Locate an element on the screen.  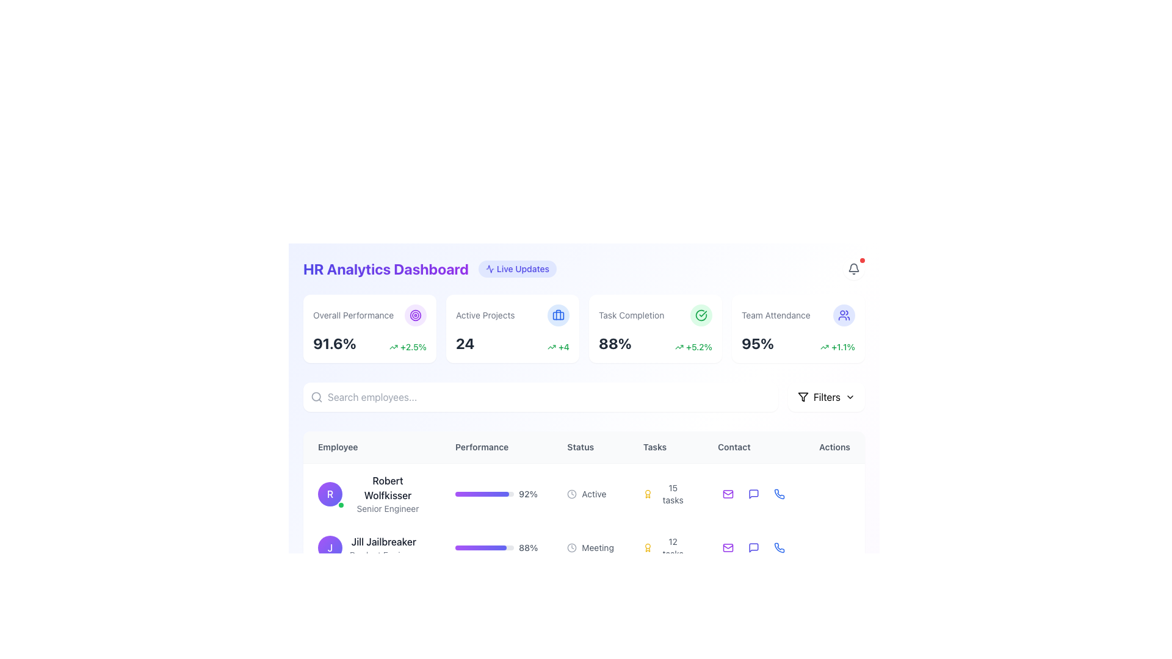
the triangular filter funnel icon located to the left of the 'Filters' dropdown arrow in the main dashboard interface is located at coordinates (803, 397).